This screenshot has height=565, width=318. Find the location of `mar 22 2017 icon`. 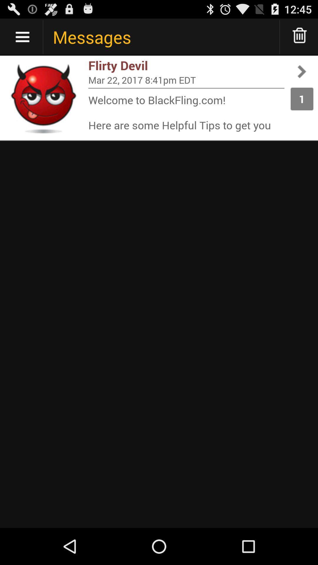

mar 22 2017 icon is located at coordinates (186, 79).